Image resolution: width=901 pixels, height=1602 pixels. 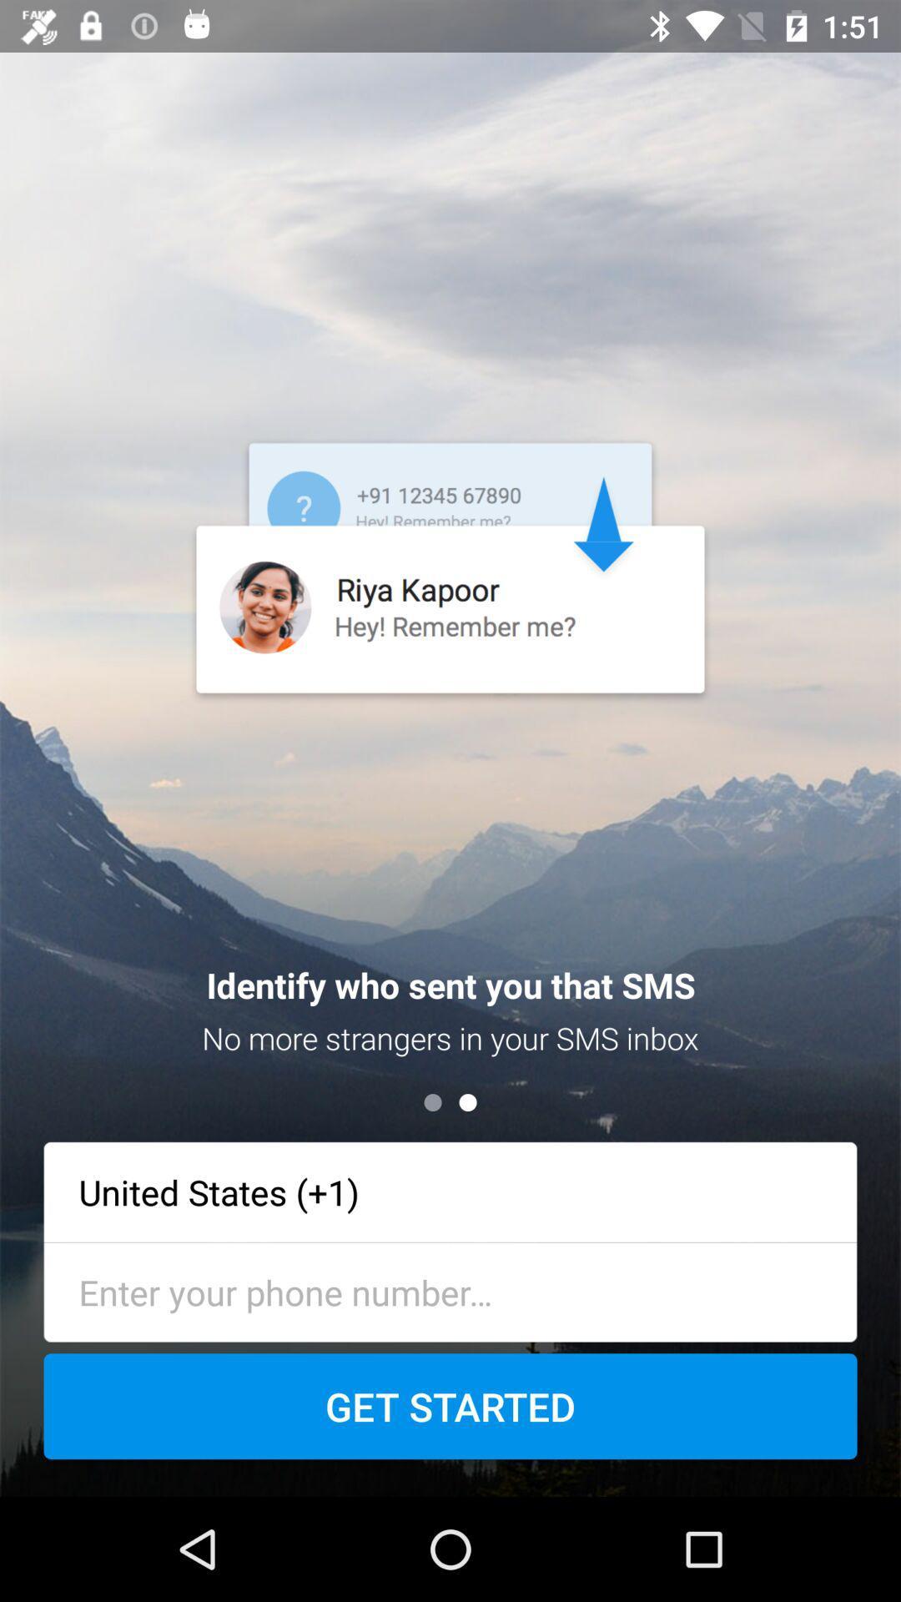 What do you see at coordinates (450, 1291) in the screenshot?
I see `type the phone number` at bounding box center [450, 1291].